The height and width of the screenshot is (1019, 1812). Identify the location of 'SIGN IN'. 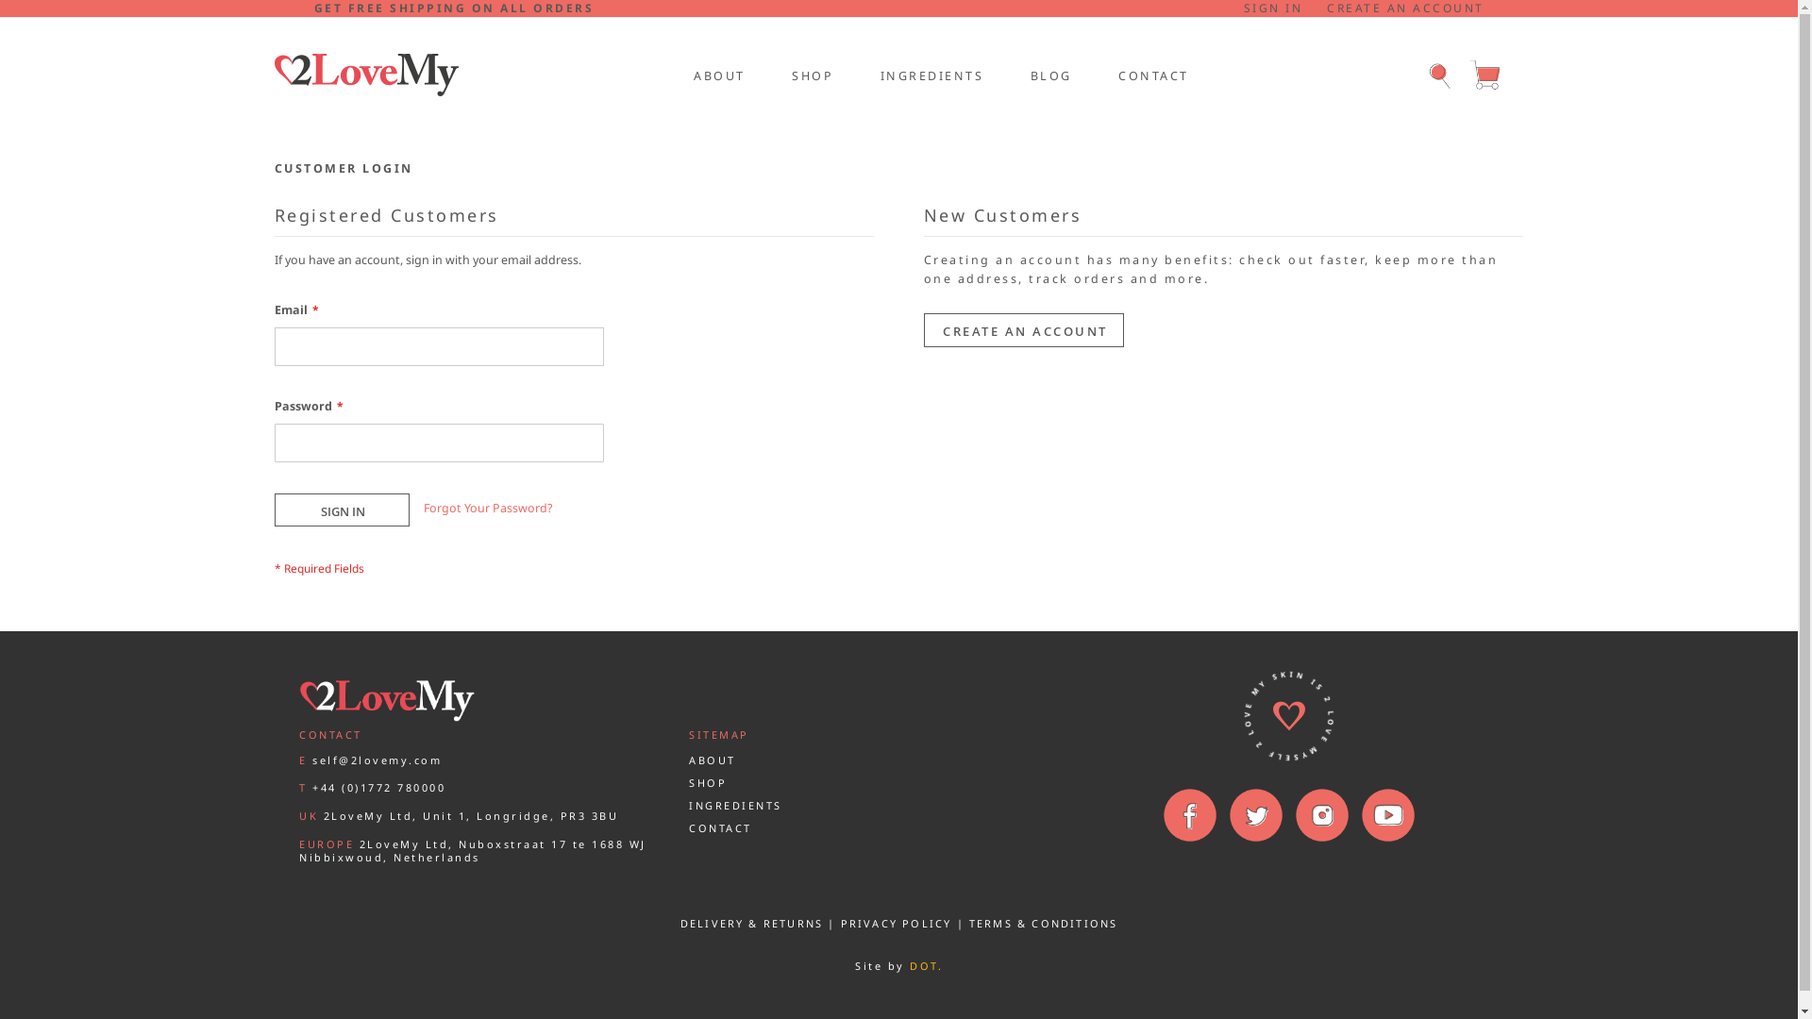
(1273, 8).